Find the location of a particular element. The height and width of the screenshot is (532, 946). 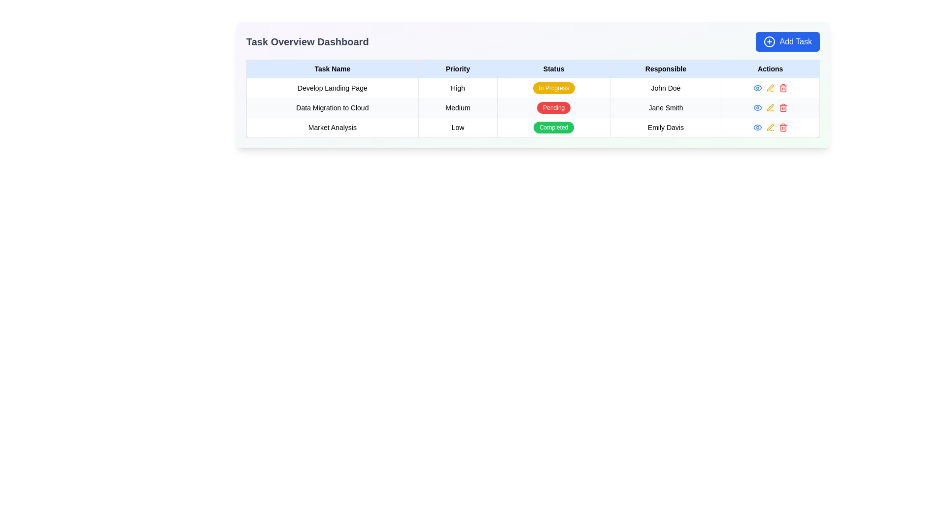

the text label in the 'Priority' column of the task table that indicates the priority level of the task 'Develop Landing Page' is located at coordinates (457, 87).